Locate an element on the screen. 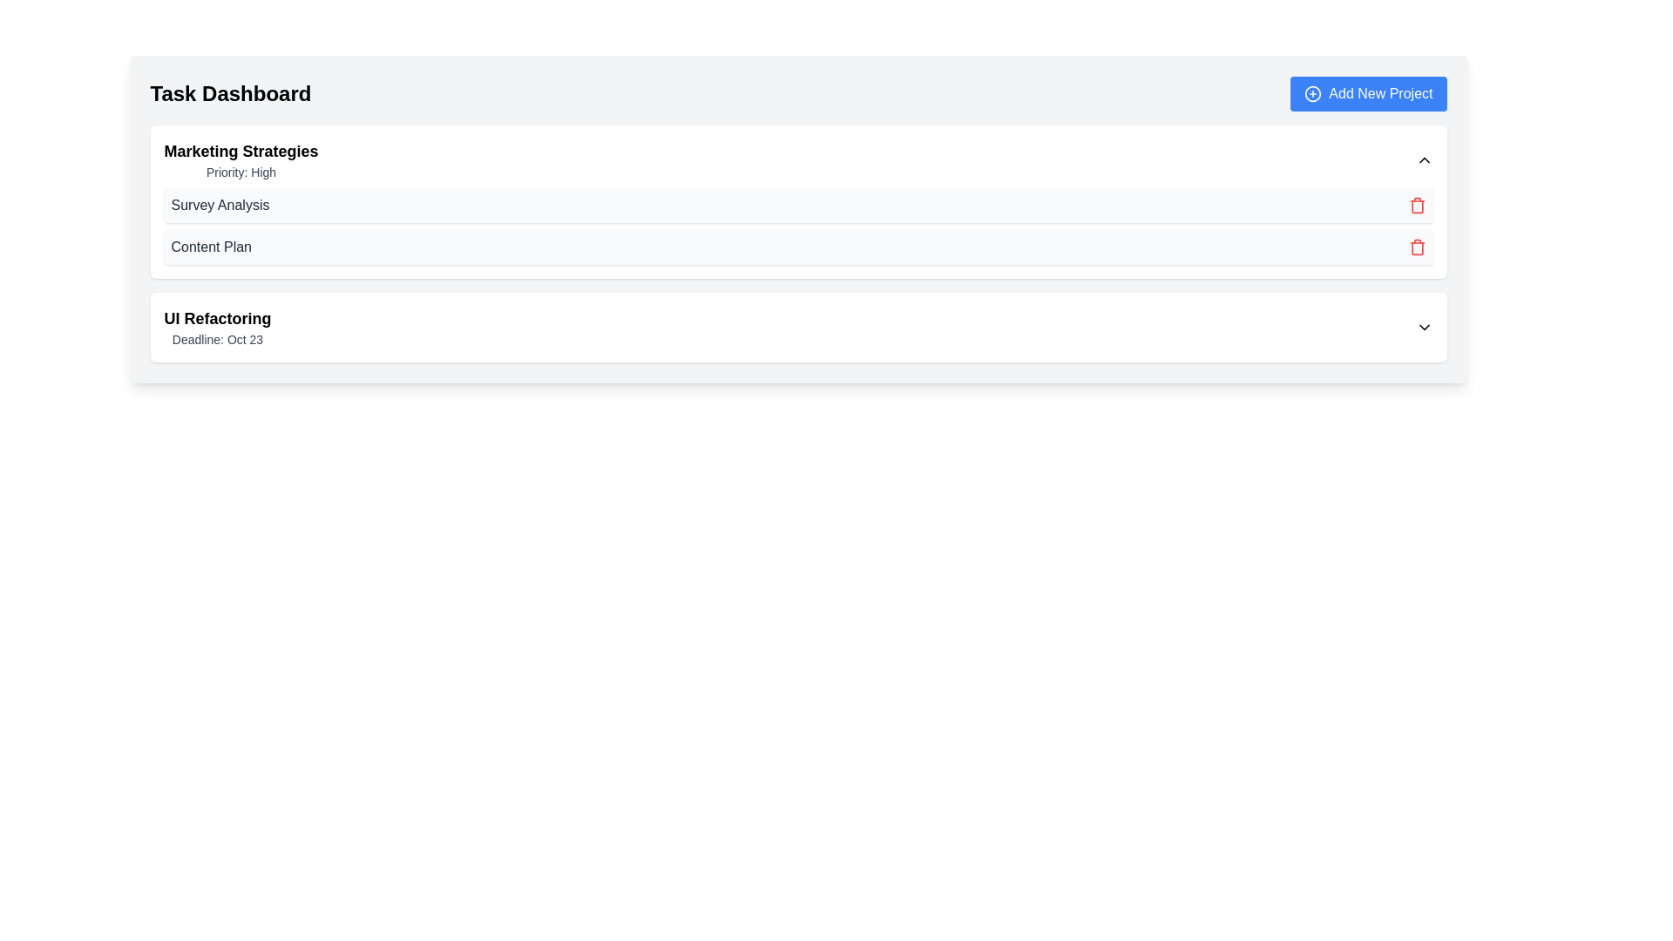 The height and width of the screenshot is (941, 1673). the upward-pointing chevron toggle control located near the top-right corner of the 'Marketing Strategies' list header, beside the text 'Priority: High' is located at coordinates (1424, 160).